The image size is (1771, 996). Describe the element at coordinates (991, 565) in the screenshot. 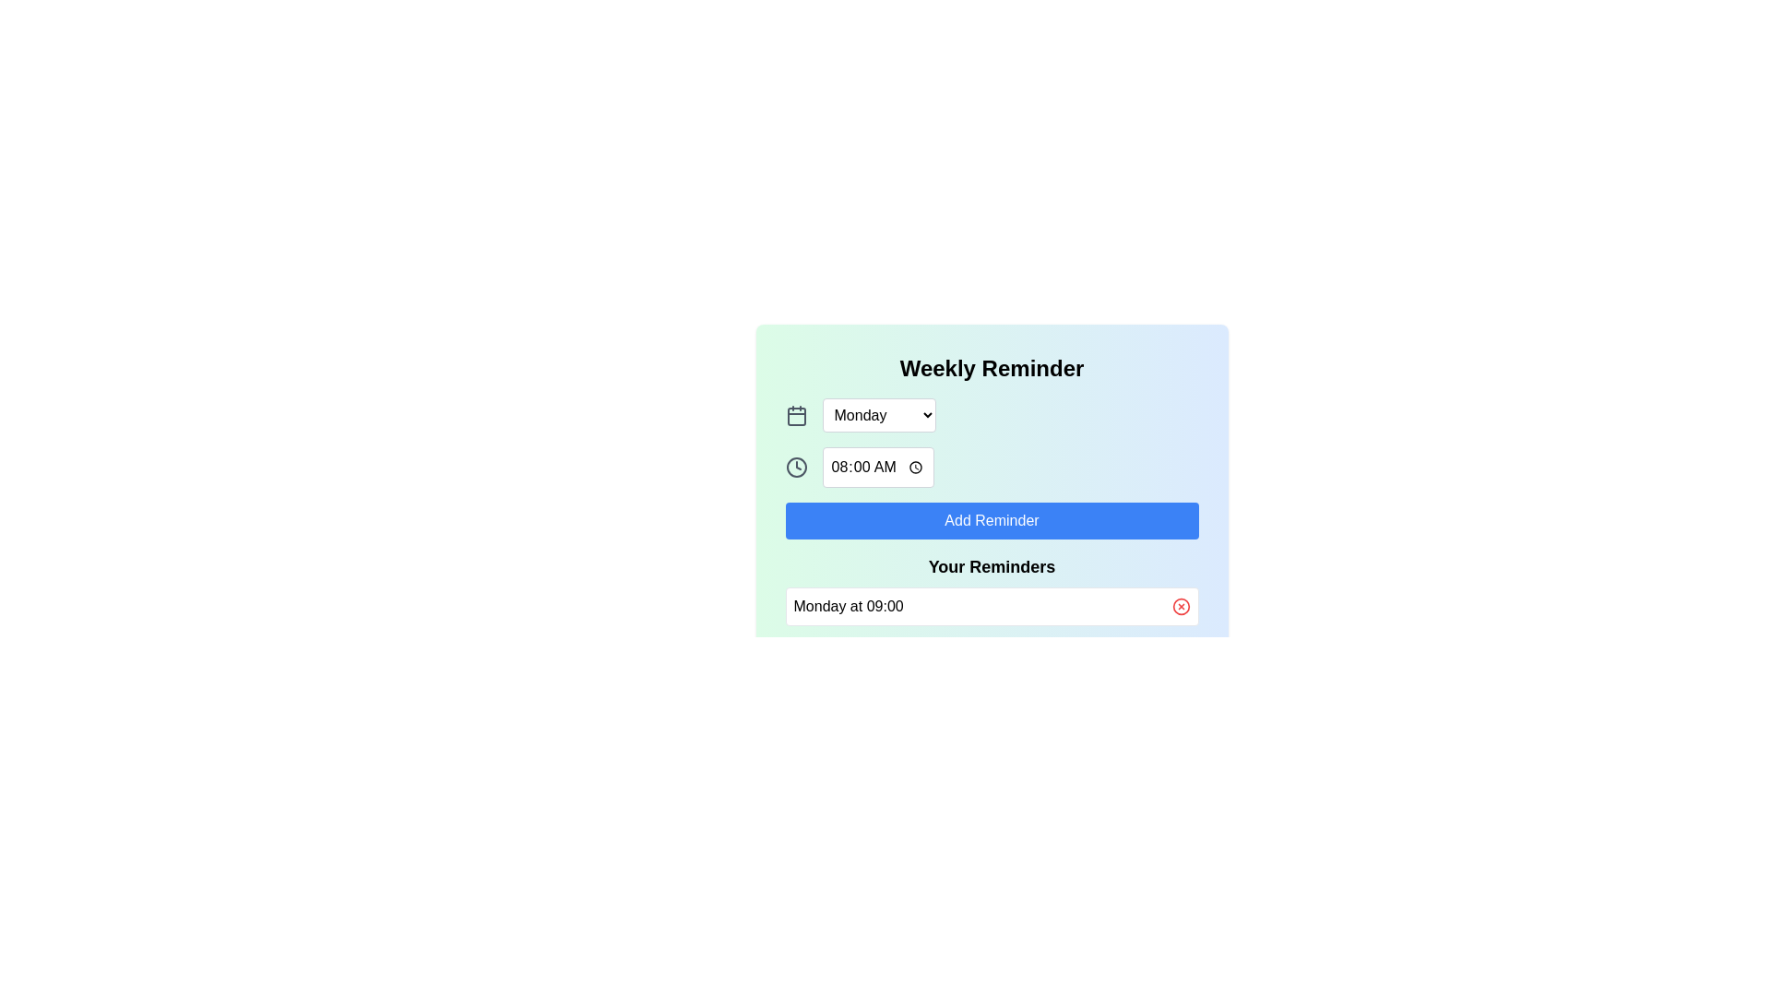

I see `the text label displaying 'Your Reminders', which is styled in bold and larger font, positioned above the 'Monday at 09:00' text` at that location.